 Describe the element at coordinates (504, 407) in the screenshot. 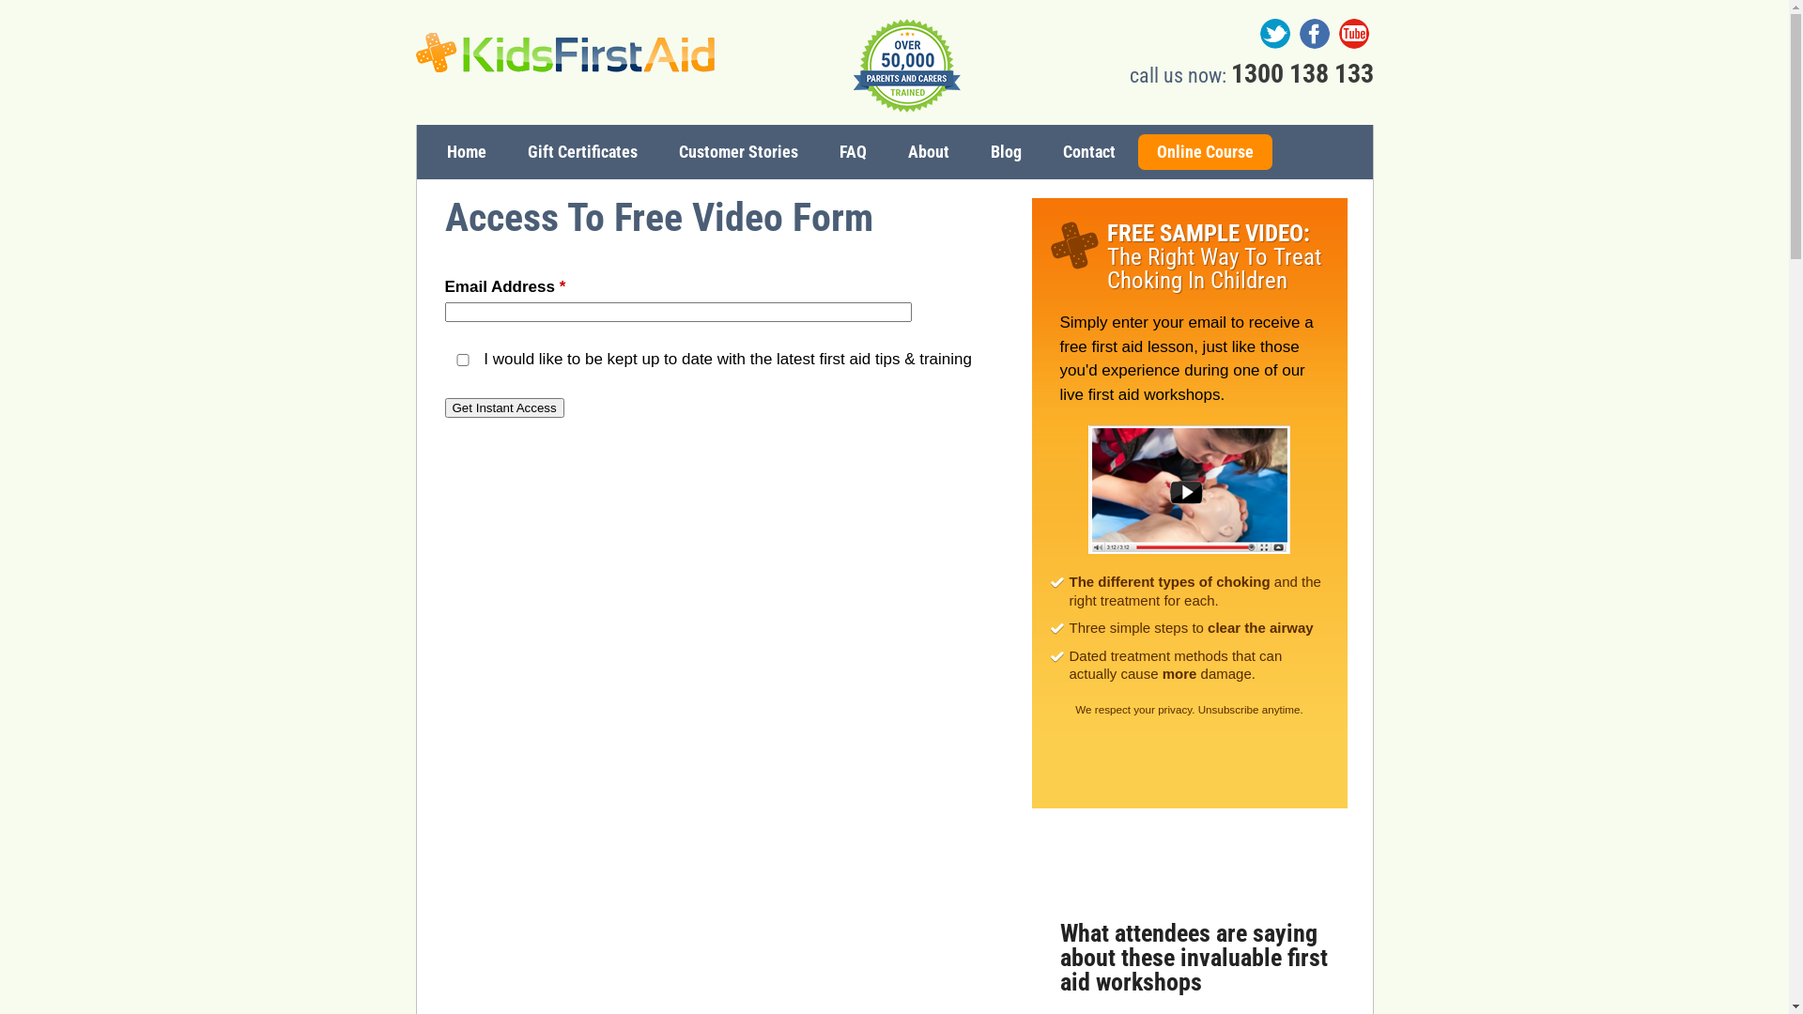

I see `'Get Instant Access'` at that location.